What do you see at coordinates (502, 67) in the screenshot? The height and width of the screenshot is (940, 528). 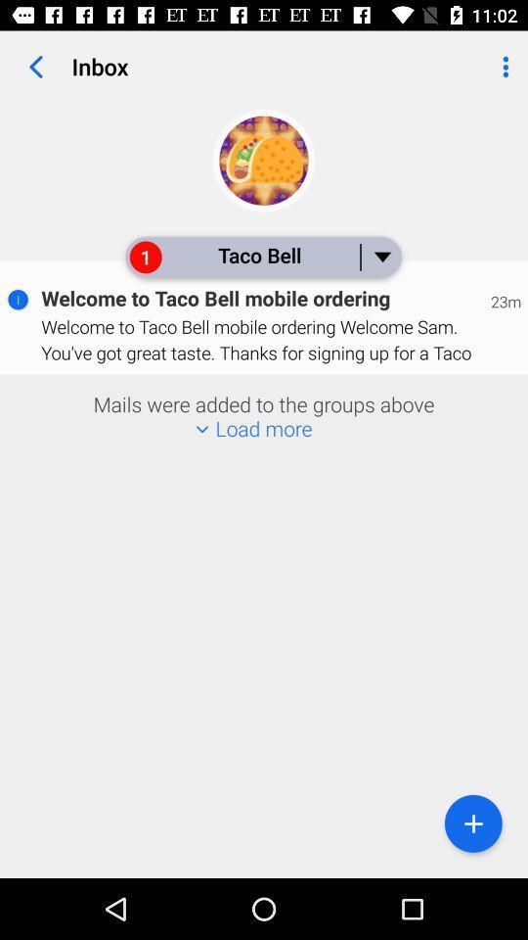 I see `the item next to inbox item` at bounding box center [502, 67].